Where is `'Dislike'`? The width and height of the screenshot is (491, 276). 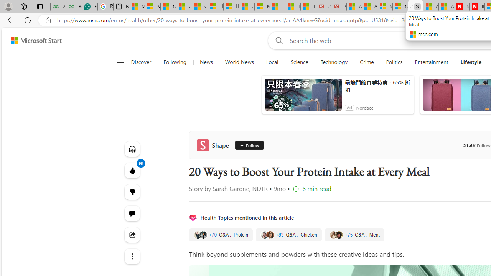 'Dislike' is located at coordinates (132, 192).